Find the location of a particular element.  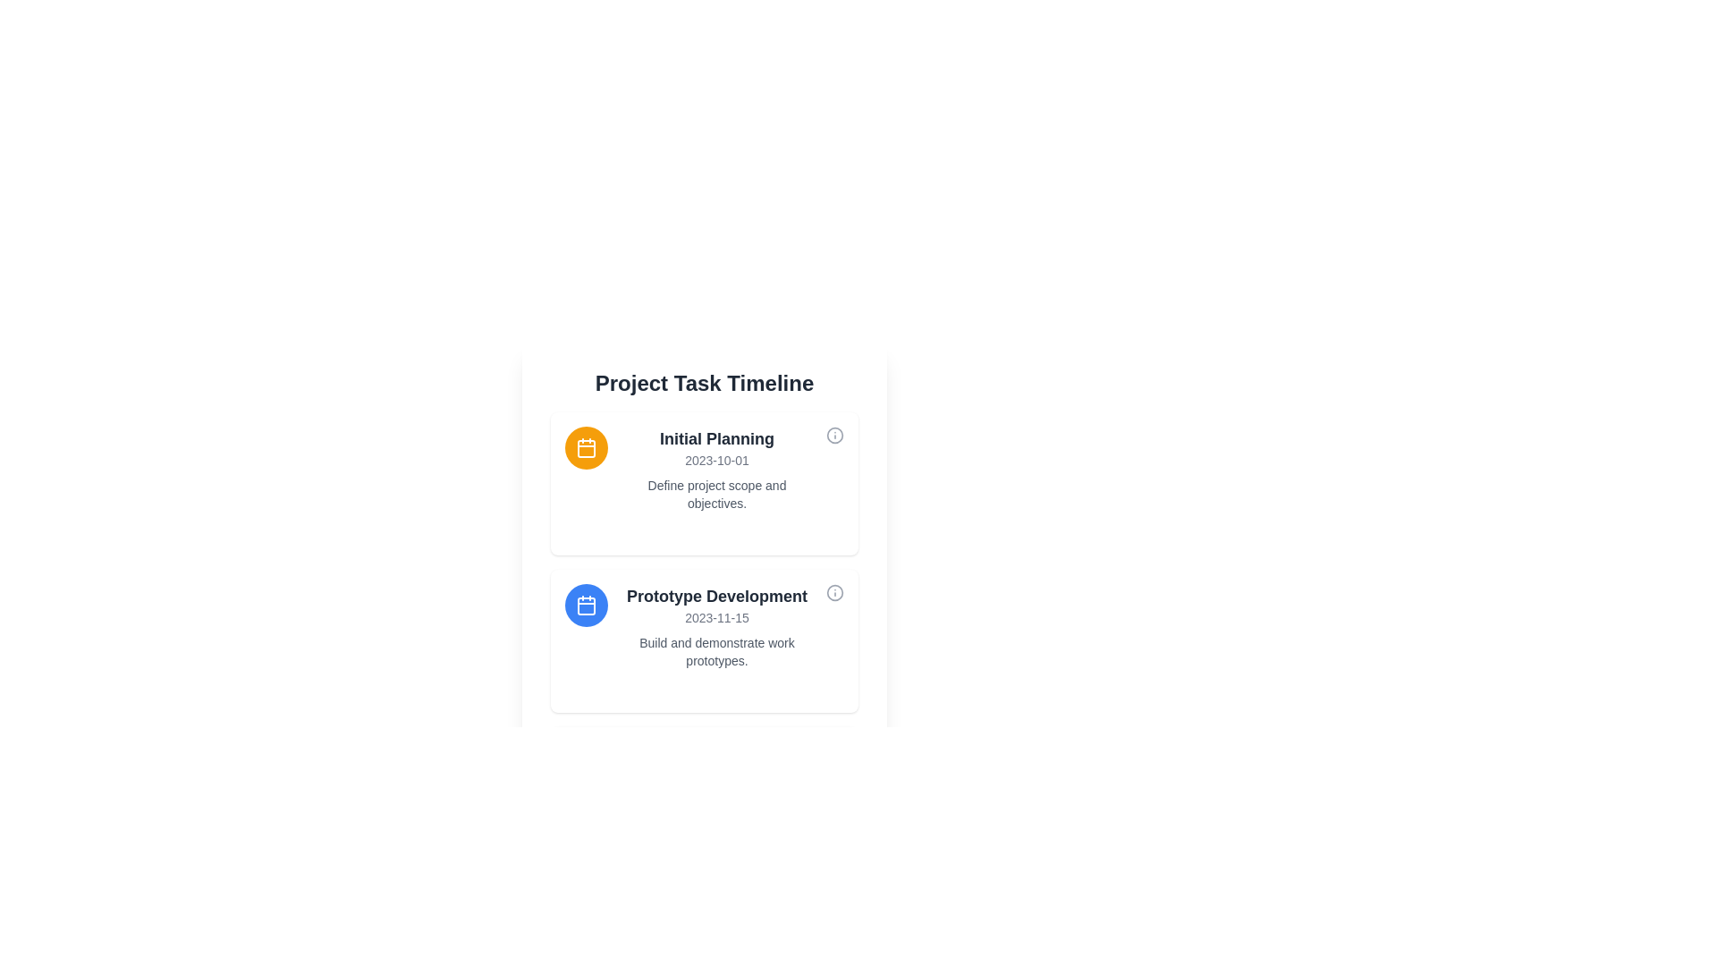

informational text block located under the 'Initial Planning' section, which provides details about the project tasks, specifically positioned between the date '2023-10-01' and the status label 'Pending' is located at coordinates (716, 494).